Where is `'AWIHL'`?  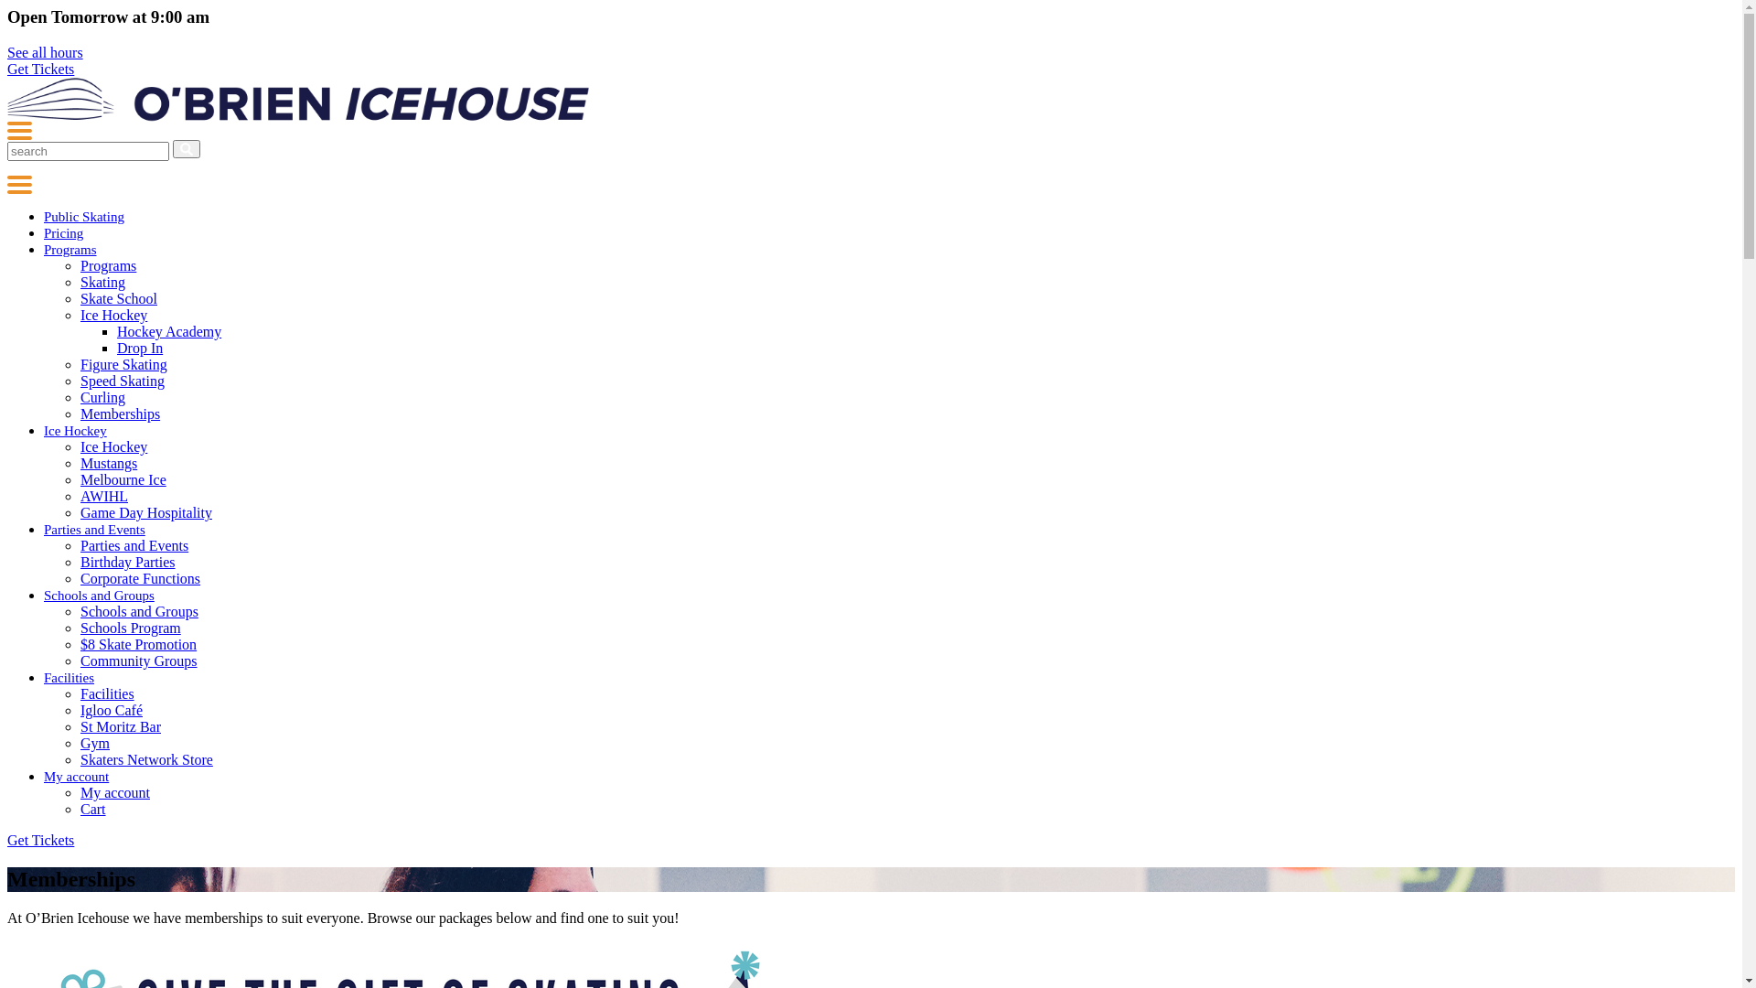
'AWIHL' is located at coordinates (103, 496).